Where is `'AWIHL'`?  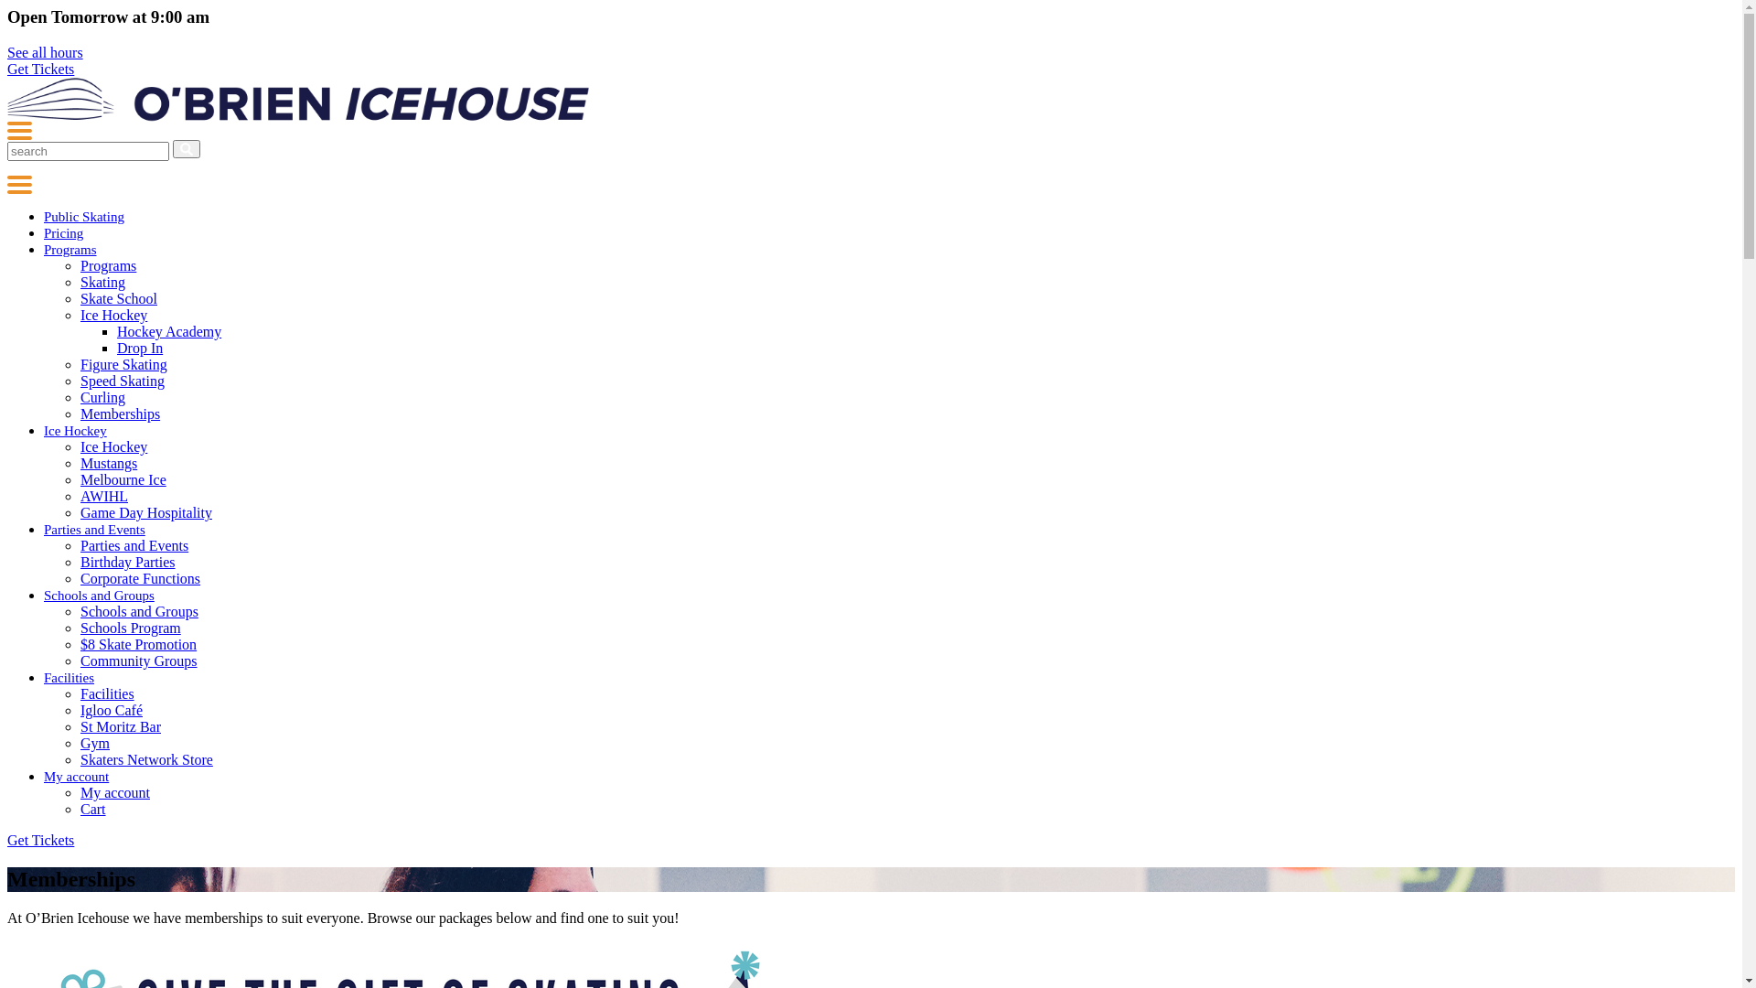
'AWIHL' is located at coordinates (103, 496).